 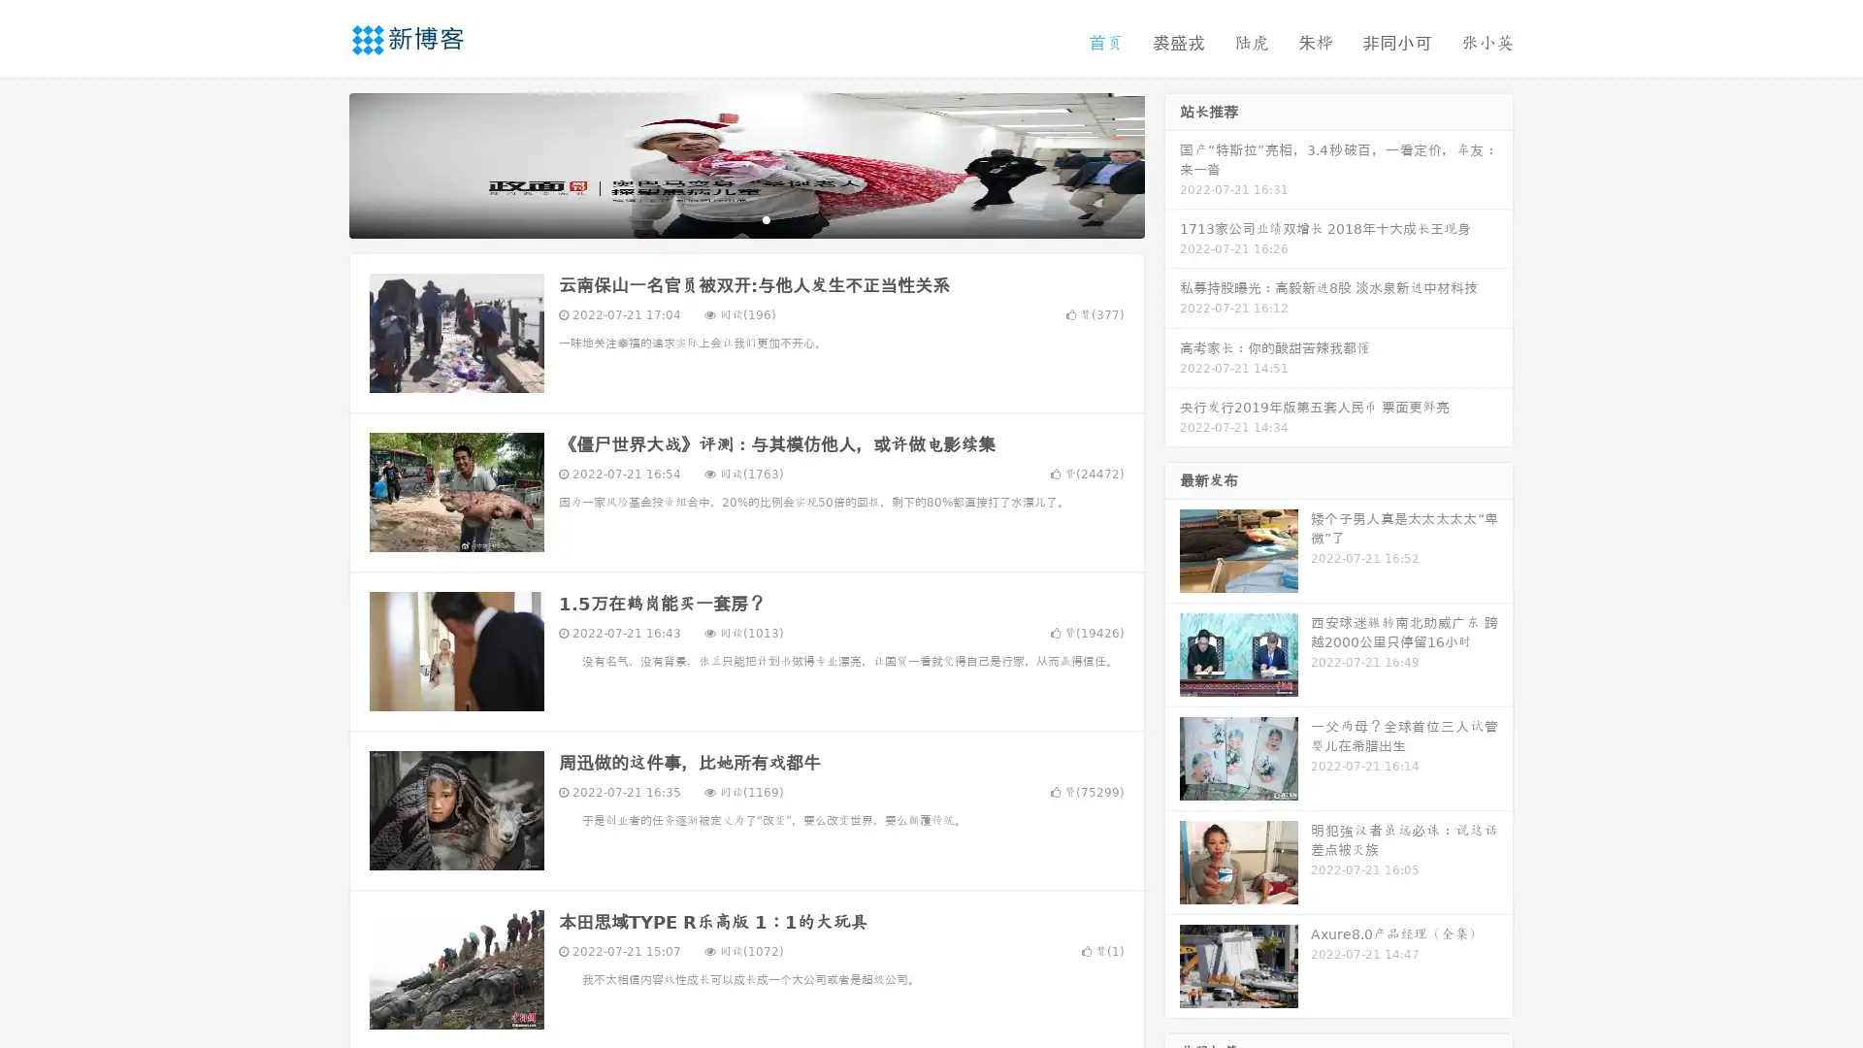 What do you see at coordinates (766, 218) in the screenshot?
I see `Go to slide 3` at bounding box center [766, 218].